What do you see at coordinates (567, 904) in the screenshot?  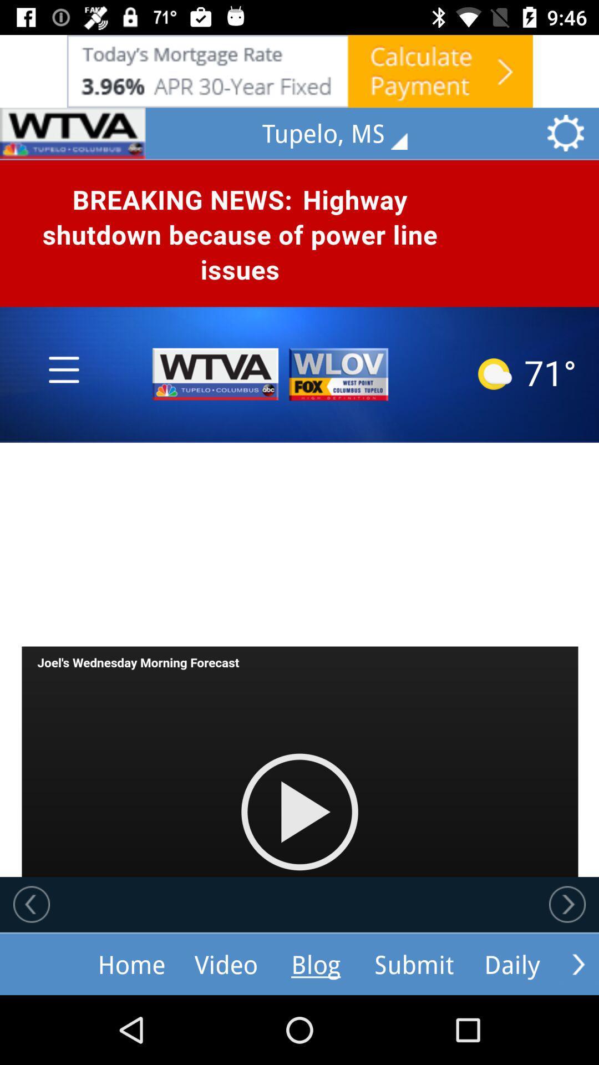 I see `next story` at bounding box center [567, 904].